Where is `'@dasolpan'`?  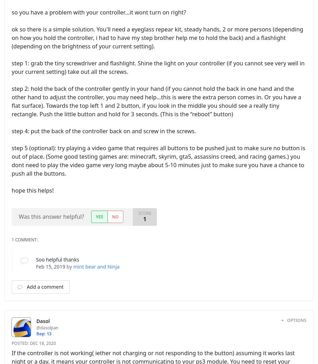 '@dasolpan' is located at coordinates (47, 327).